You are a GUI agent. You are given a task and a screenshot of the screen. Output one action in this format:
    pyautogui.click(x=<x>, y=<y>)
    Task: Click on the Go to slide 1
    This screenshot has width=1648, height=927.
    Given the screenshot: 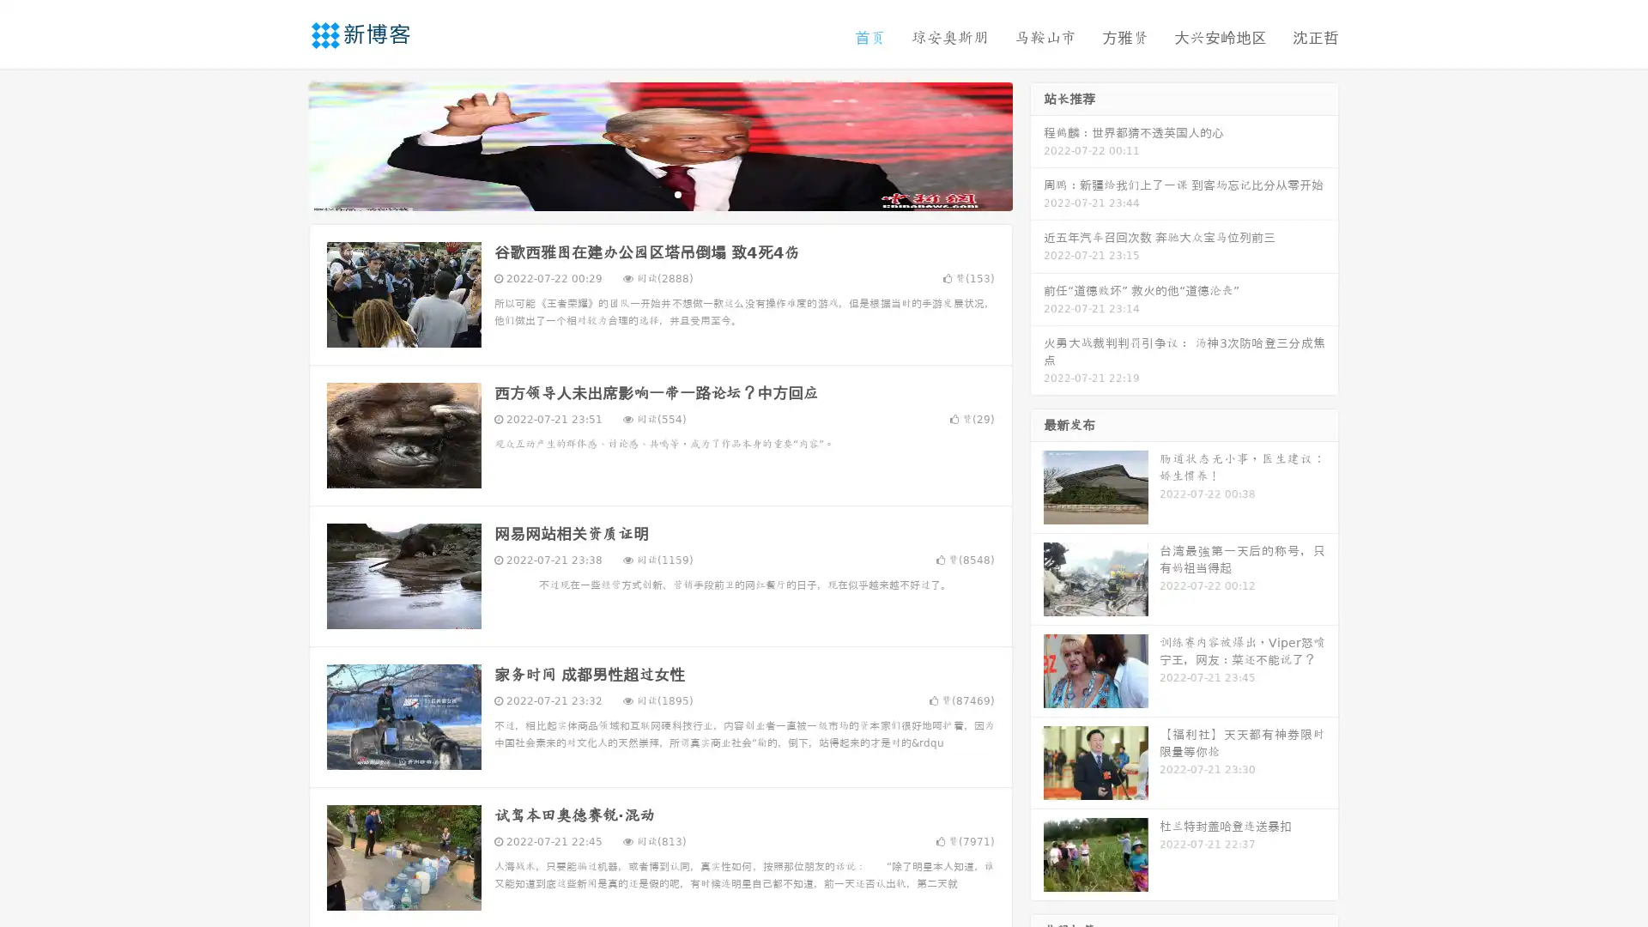 What is the action you would take?
    pyautogui.click(x=642, y=193)
    